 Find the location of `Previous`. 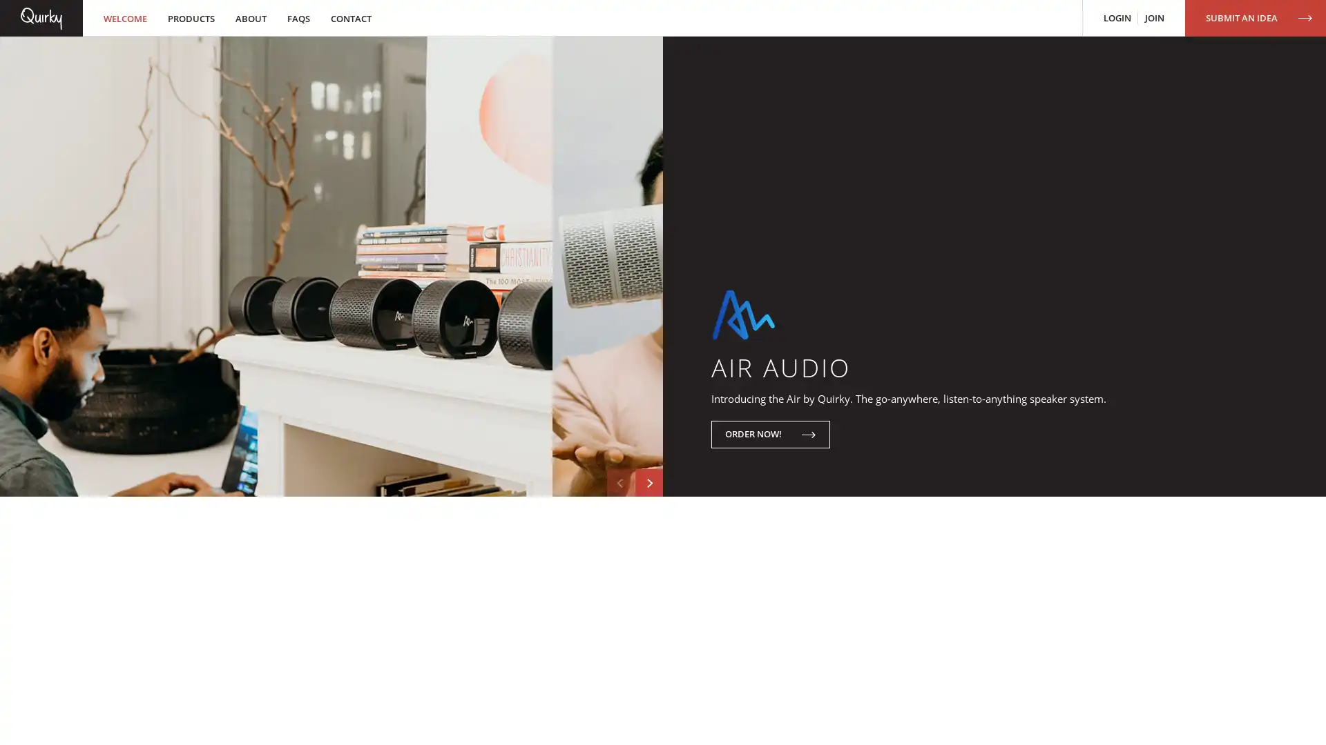

Previous is located at coordinates (619, 575).